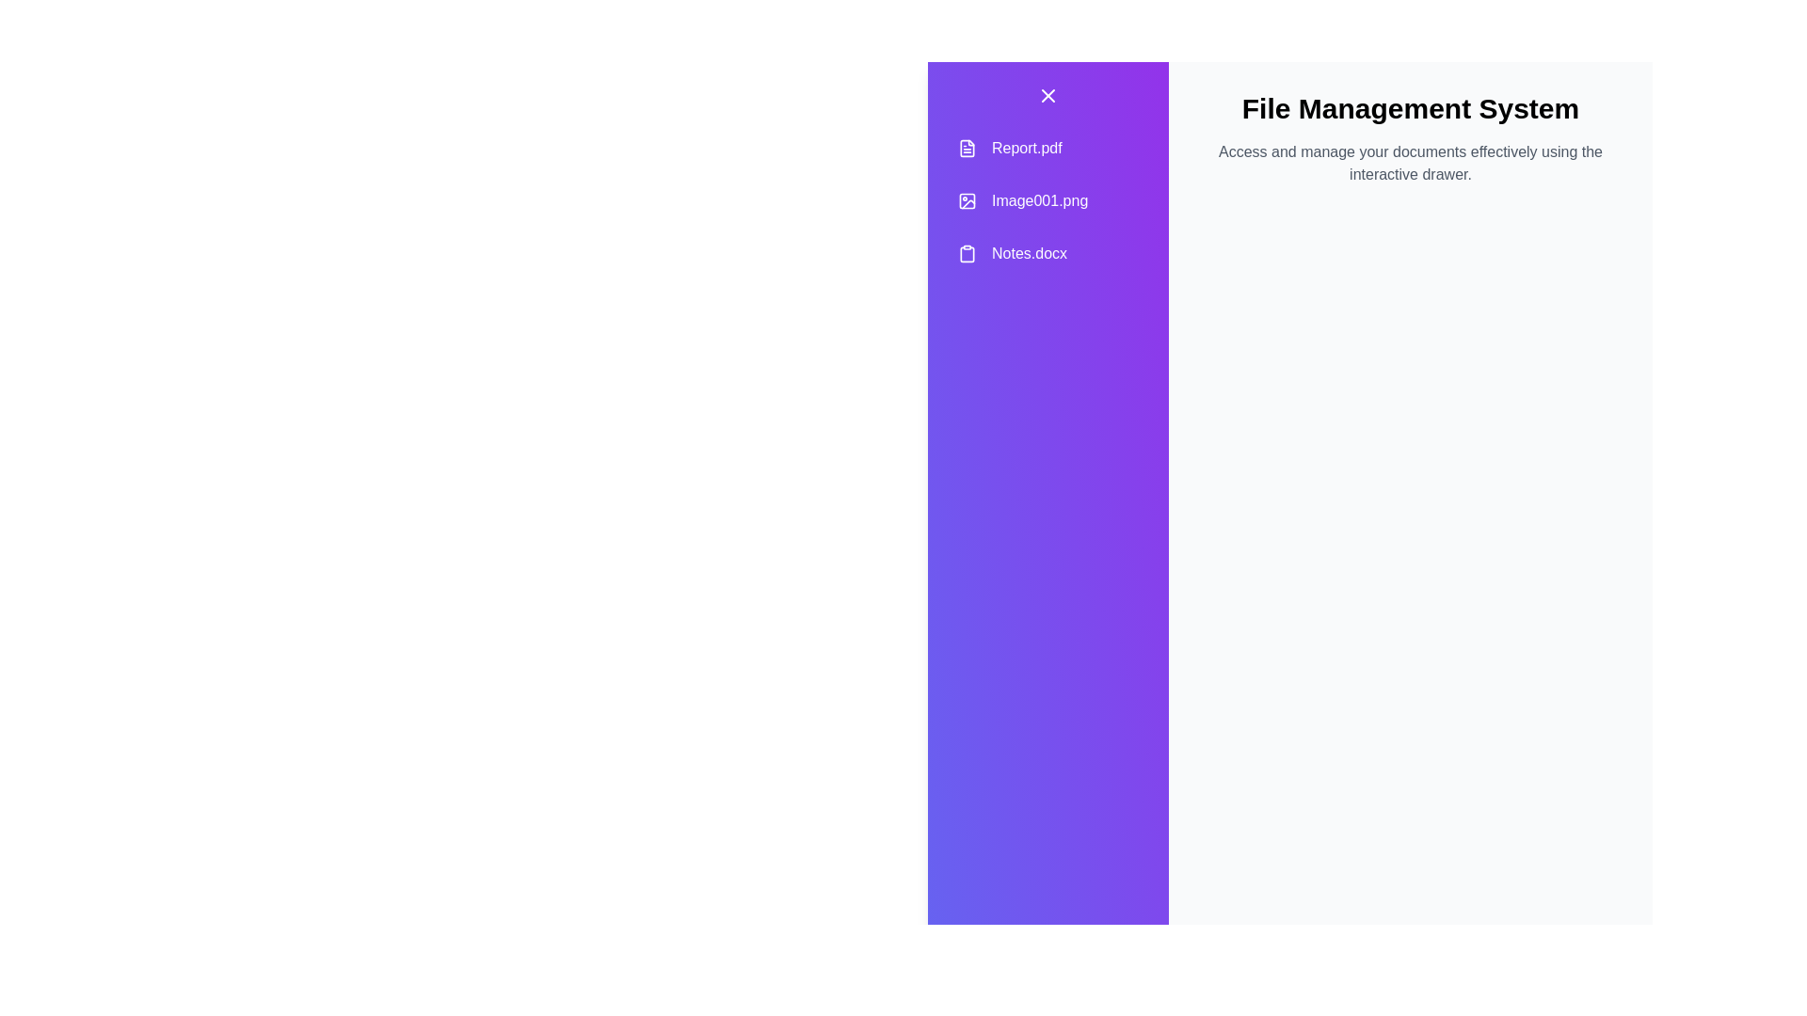  Describe the element at coordinates (1047, 254) in the screenshot. I see `the document name Notes.docx to observe the hover effect` at that location.